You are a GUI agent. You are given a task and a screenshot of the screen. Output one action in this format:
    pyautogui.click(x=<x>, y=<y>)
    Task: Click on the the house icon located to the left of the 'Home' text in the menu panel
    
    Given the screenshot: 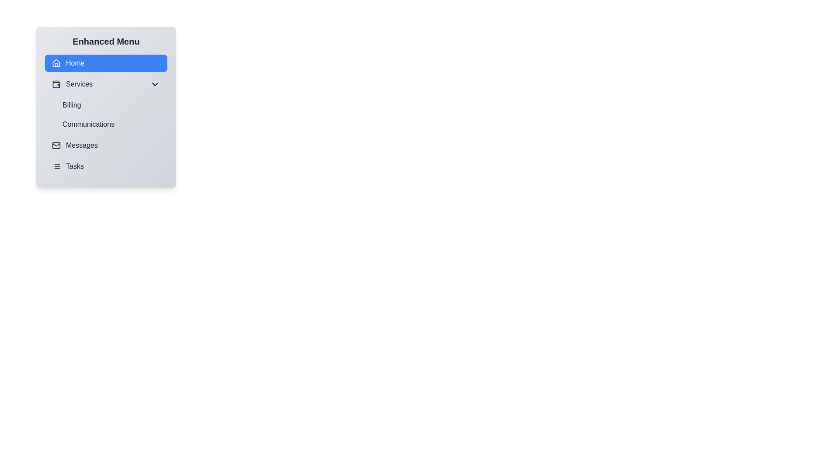 What is the action you would take?
    pyautogui.click(x=56, y=63)
    